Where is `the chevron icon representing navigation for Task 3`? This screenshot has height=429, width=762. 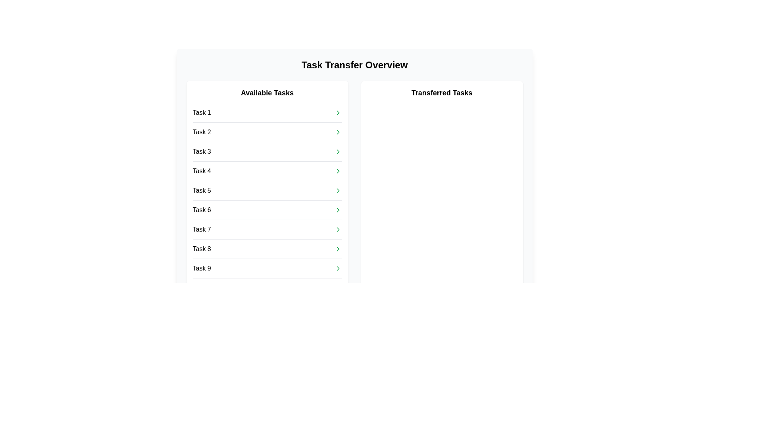
the chevron icon representing navigation for Task 3 is located at coordinates (338, 151).